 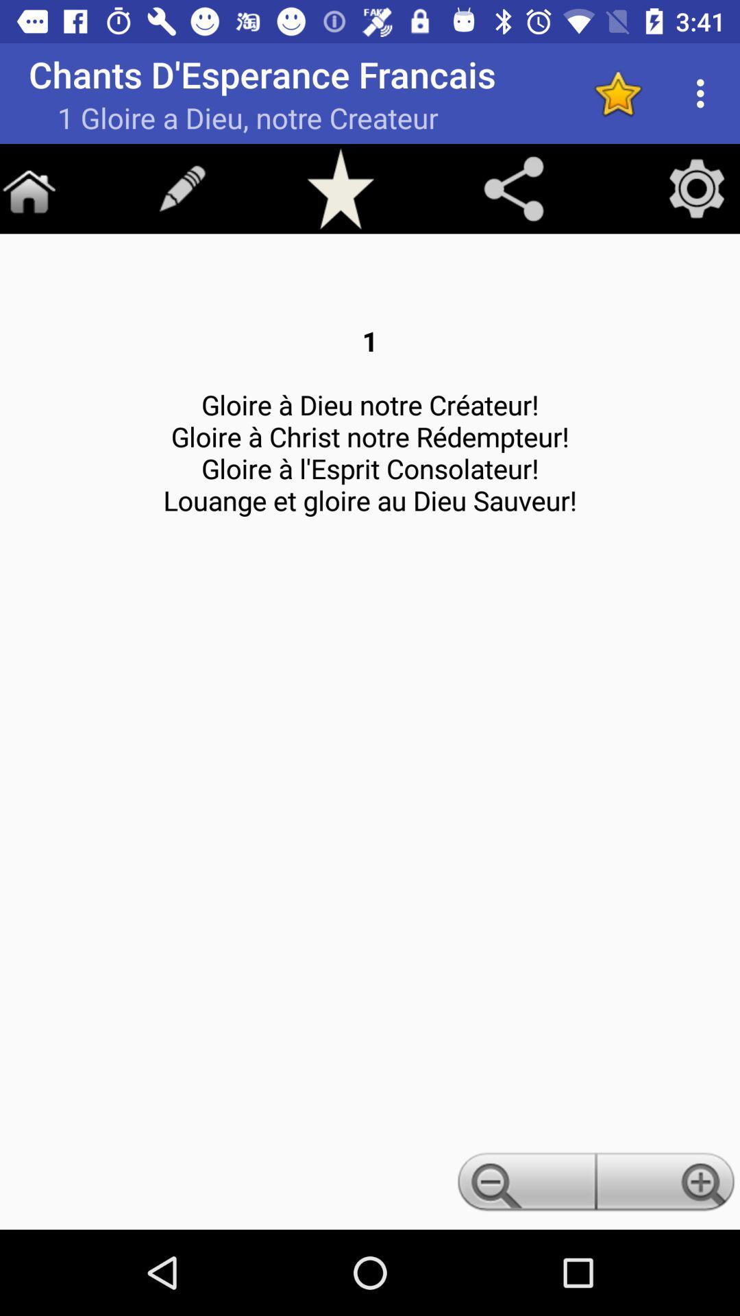 What do you see at coordinates (697, 187) in the screenshot?
I see `the settings button next to the share button` at bounding box center [697, 187].